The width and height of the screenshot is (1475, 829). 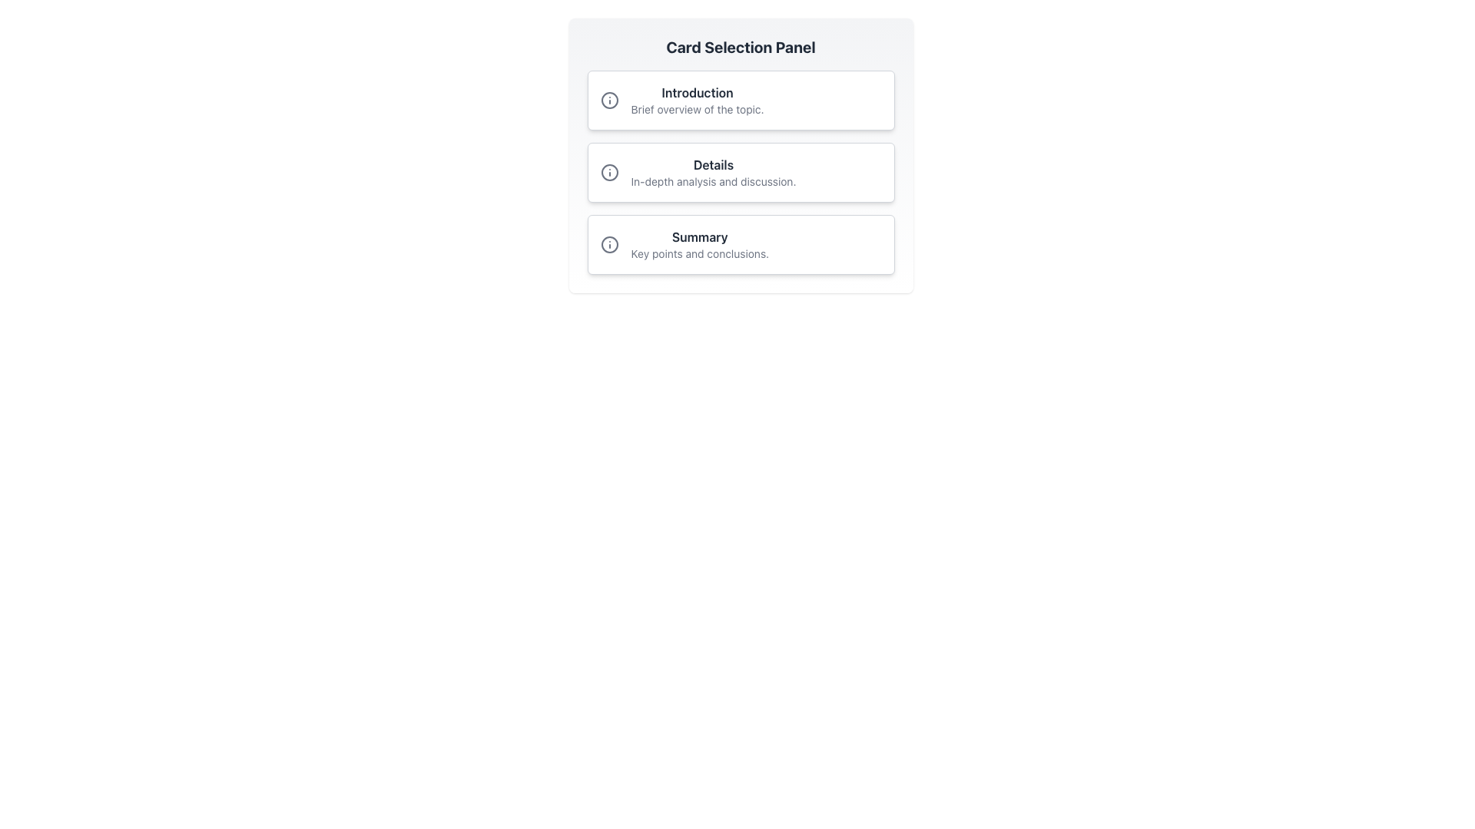 What do you see at coordinates (608, 172) in the screenshot?
I see `the Informational Icon located on the left side of the text content within the 'Details' card in the Card Selection Panel` at bounding box center [608, 172].